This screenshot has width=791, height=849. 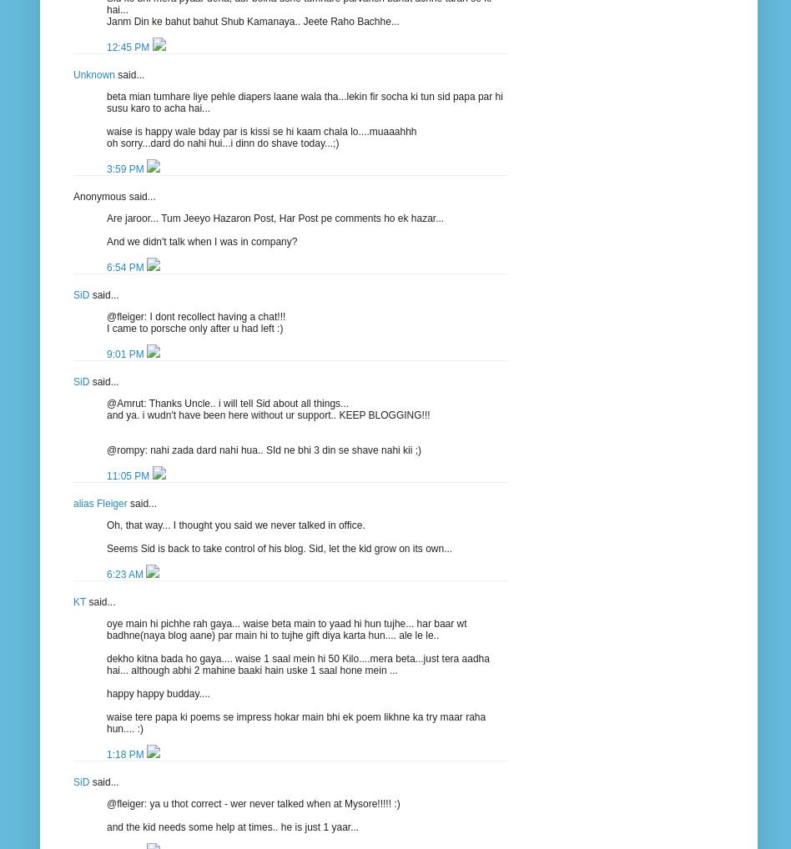 I want to click on '9:01 PM', so click(x=125, y=352).